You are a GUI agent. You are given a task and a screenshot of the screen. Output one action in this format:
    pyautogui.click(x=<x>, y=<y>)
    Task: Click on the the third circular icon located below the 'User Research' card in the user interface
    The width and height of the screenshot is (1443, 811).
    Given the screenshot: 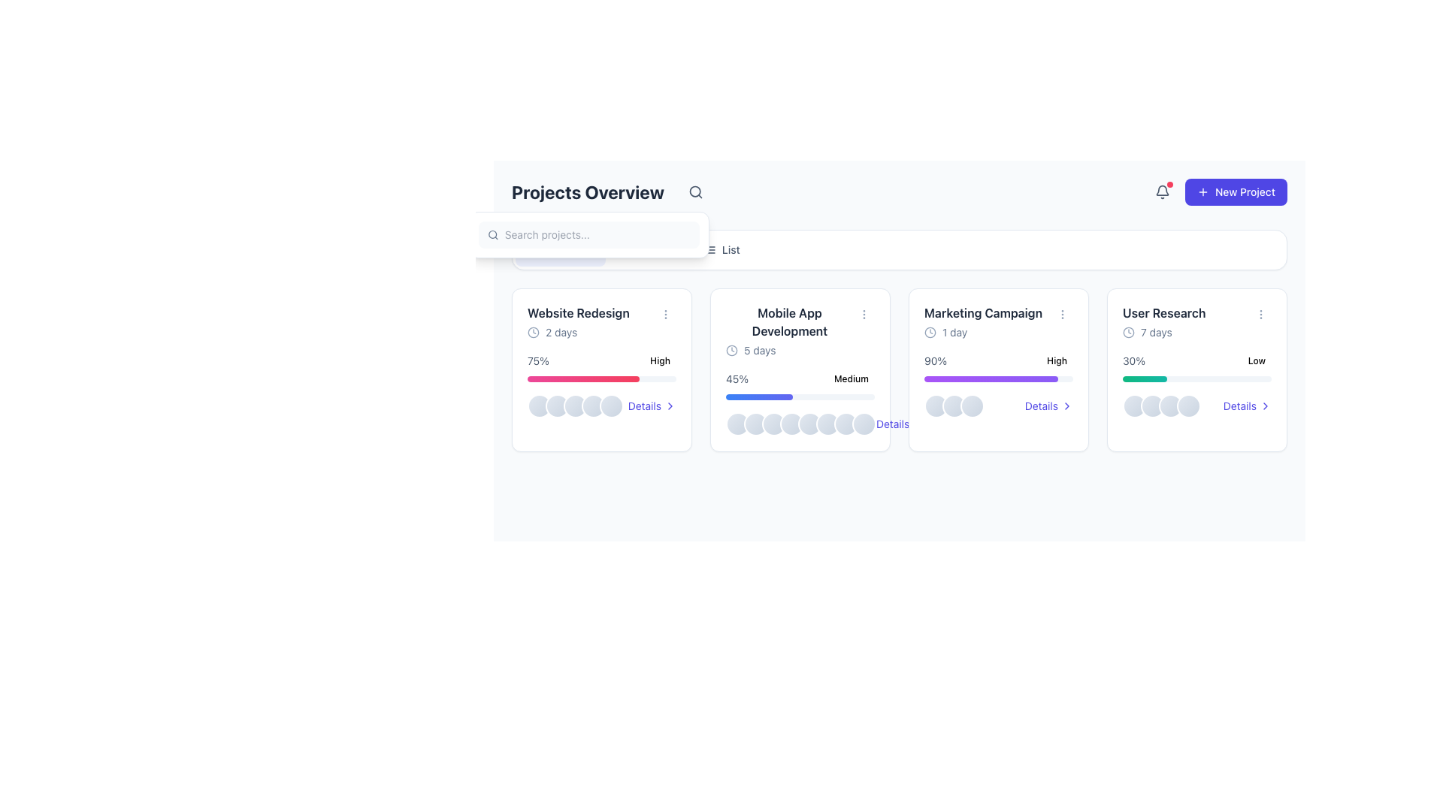 What is the action you would take?
    pyautogui.click(x=1170, y=405)
    